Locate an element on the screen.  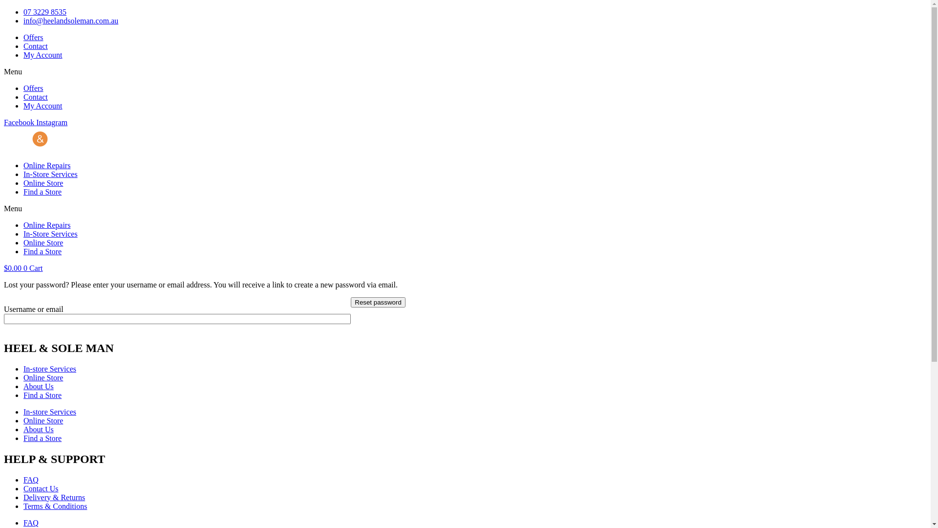
'Instagram' is located at coordinates (36, 122).